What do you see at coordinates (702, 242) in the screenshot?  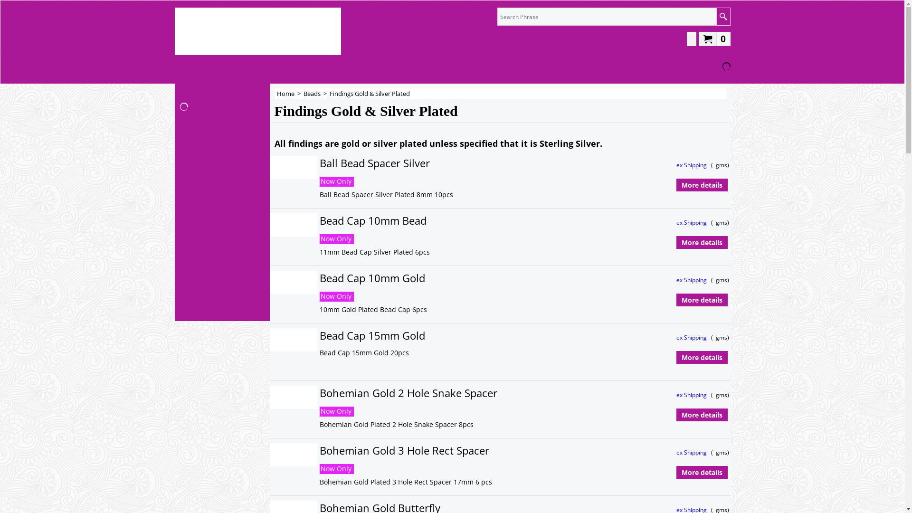 I see `'More details'` at bounding box center [702, 242].